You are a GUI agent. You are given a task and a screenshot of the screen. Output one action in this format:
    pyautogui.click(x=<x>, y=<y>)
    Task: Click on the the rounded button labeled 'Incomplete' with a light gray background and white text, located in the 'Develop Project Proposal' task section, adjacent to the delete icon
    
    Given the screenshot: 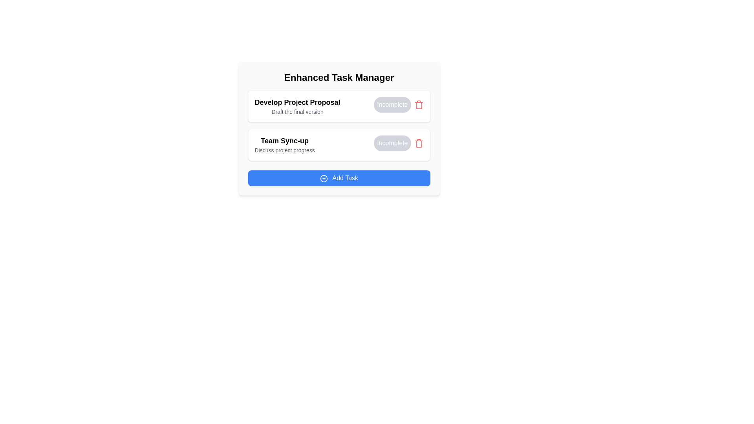 What is the action you would take?
    pyautogui.click(x=399, y=104)
    